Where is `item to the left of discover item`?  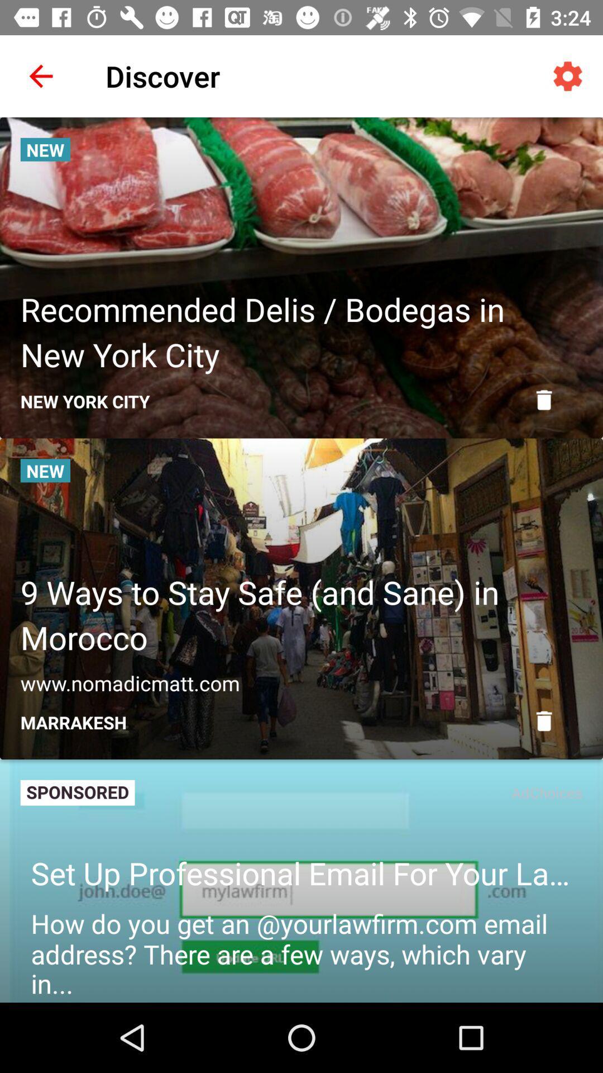
item to the left of discover item is located at coordinates (40, 75).